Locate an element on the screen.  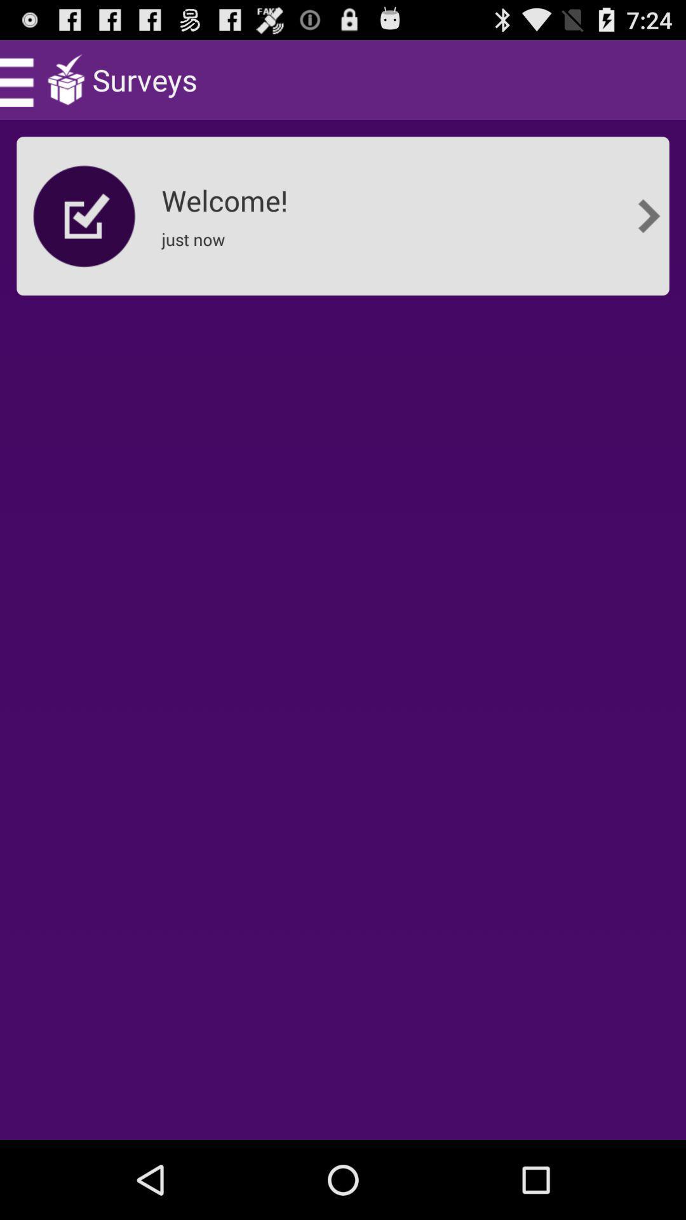
the just now item is located at coordinates (197, 247).